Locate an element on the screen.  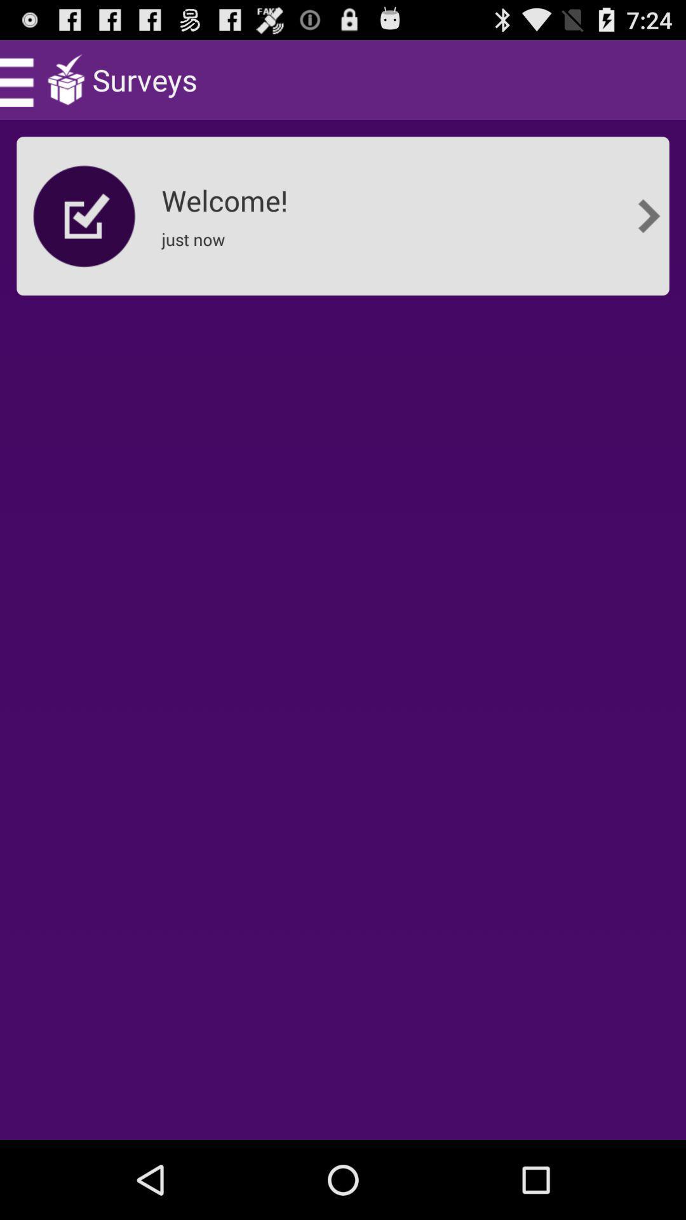
the just now item is located at coordinates (197, 247).